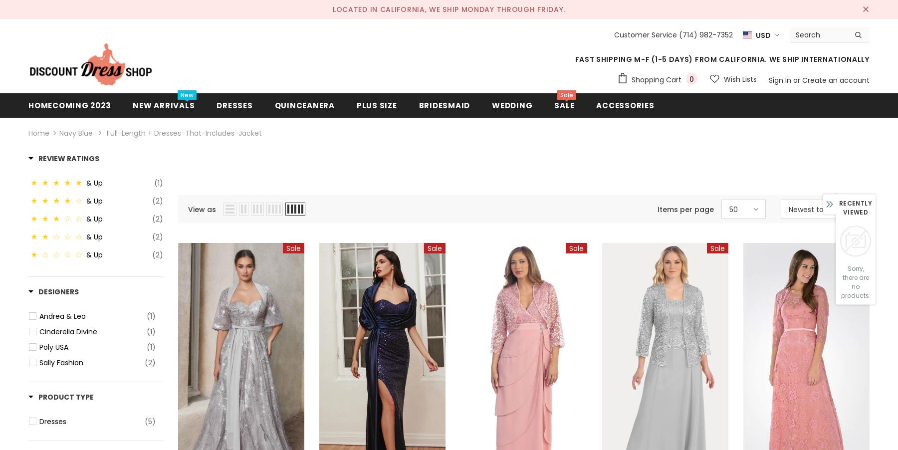 Image resolution: width=898 pixels, height=450 pixels. What do you see at coordinates (728, 209) in the screenshot?
I see `'50'` at bounding box center [728, 209].